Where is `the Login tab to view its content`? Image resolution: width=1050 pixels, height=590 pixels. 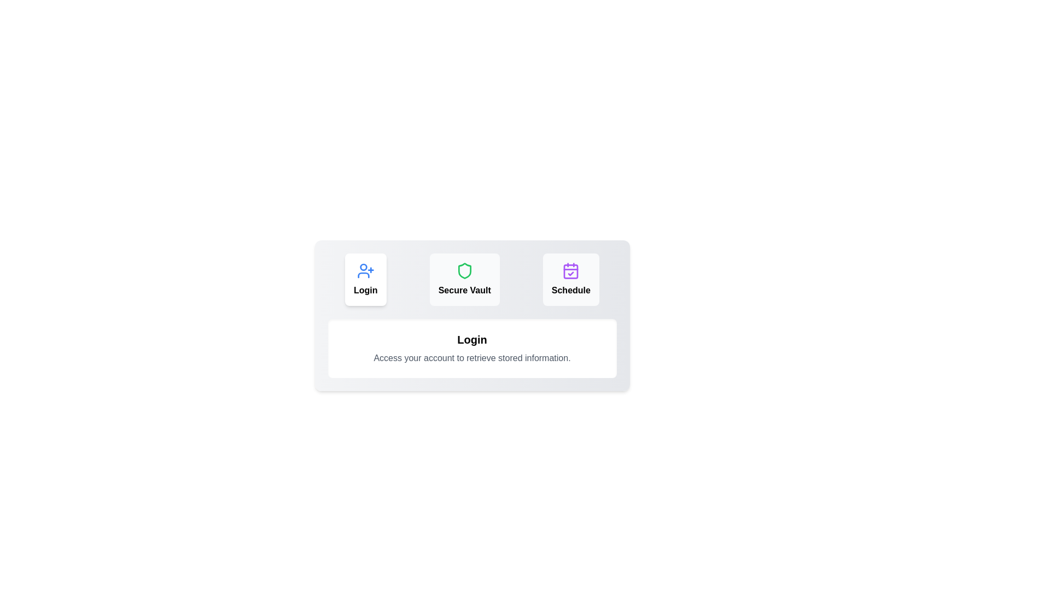 the Login tab to view its content is located at coordinates (365, 279).